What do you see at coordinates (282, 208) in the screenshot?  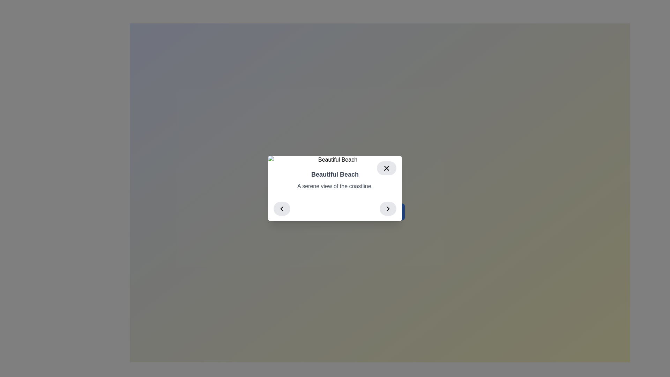 I see `the left navigation button which is the first interactive button and positioned to the left of a center-aligned text block` at bounding box center [282, 208].